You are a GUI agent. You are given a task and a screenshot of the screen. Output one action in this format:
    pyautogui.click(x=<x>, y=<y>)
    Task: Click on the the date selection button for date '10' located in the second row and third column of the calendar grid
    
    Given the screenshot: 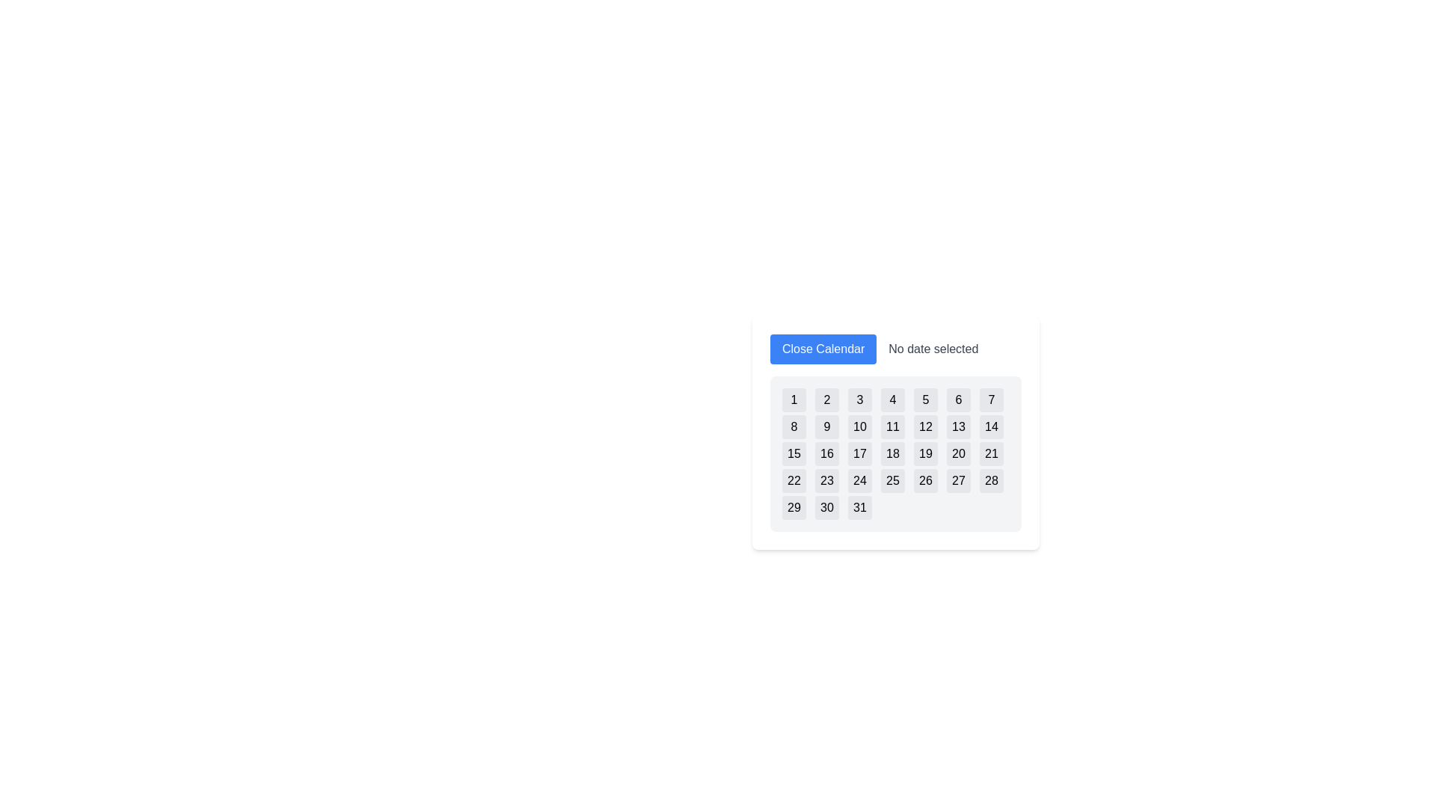 What is the action you would take?
    pyautogui.click(x=860, y=426)
    